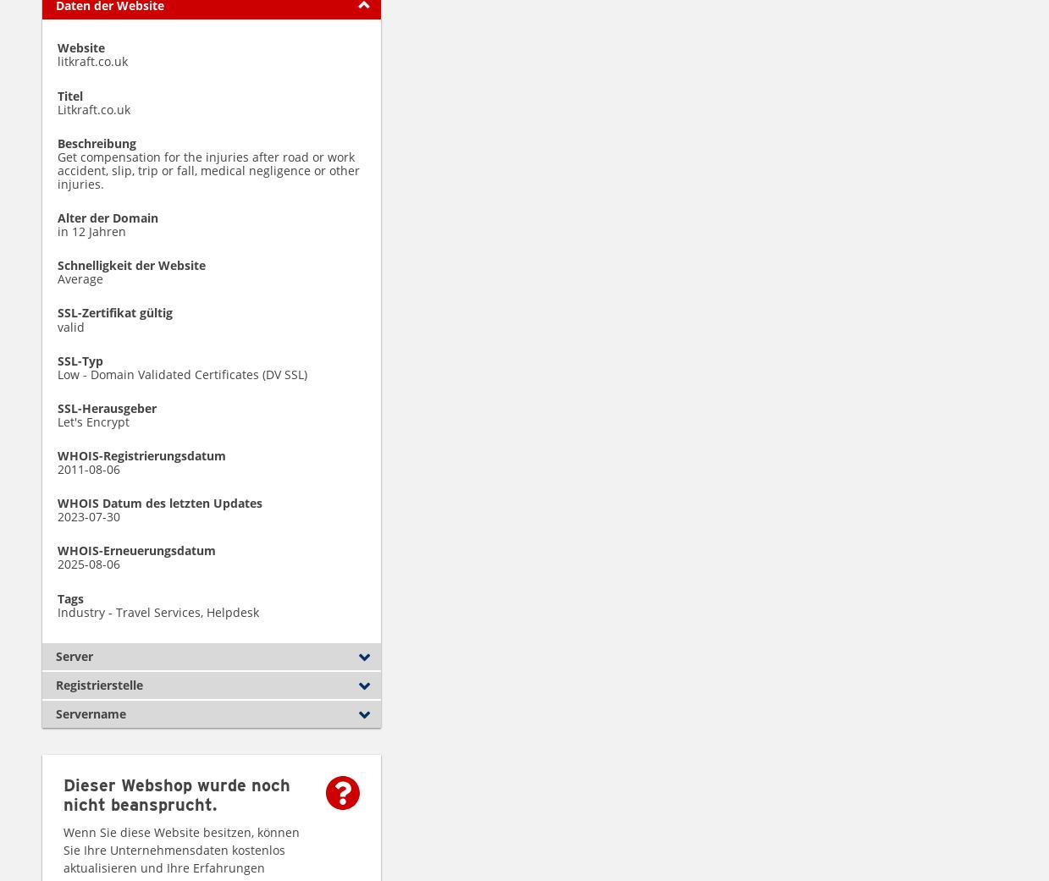  I want to click on '2011-08-06', so click(88, 469).